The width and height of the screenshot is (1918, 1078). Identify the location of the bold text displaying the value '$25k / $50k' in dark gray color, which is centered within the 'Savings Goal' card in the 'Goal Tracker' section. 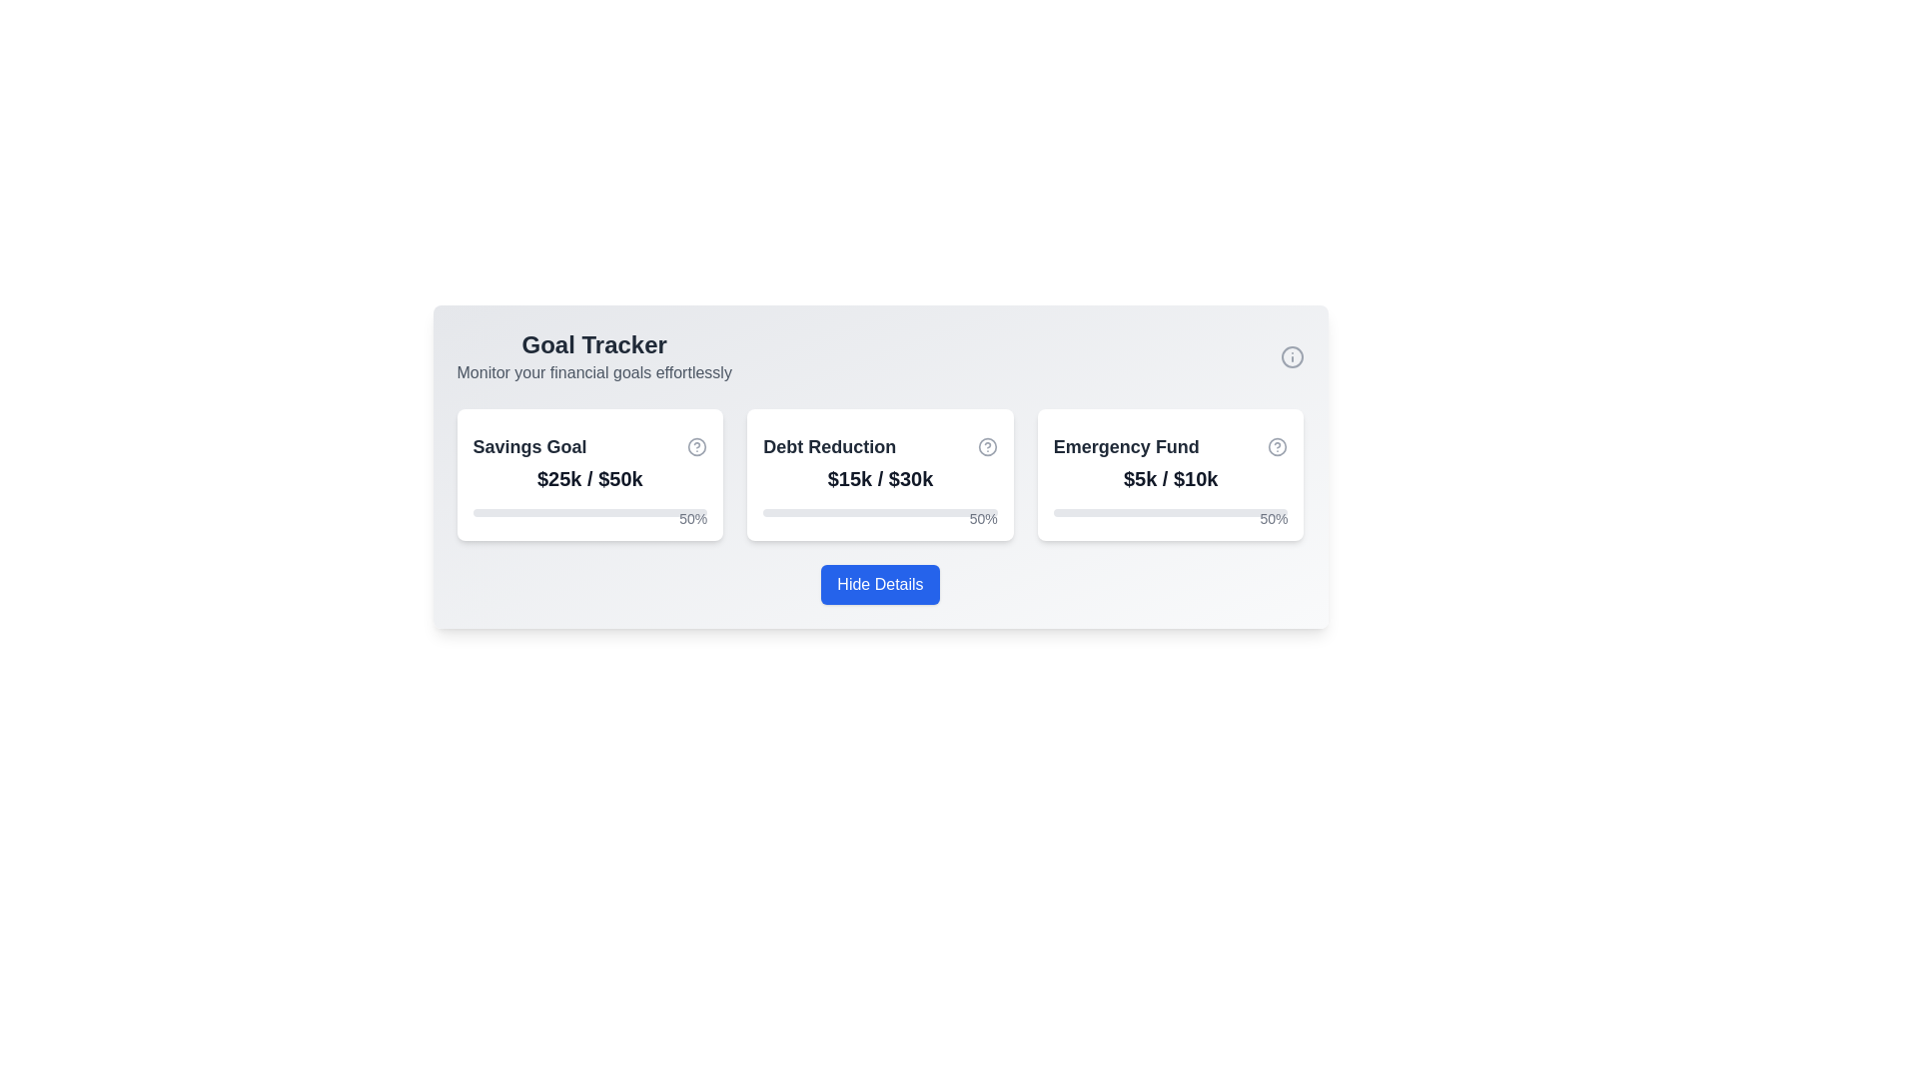
(588, 478).